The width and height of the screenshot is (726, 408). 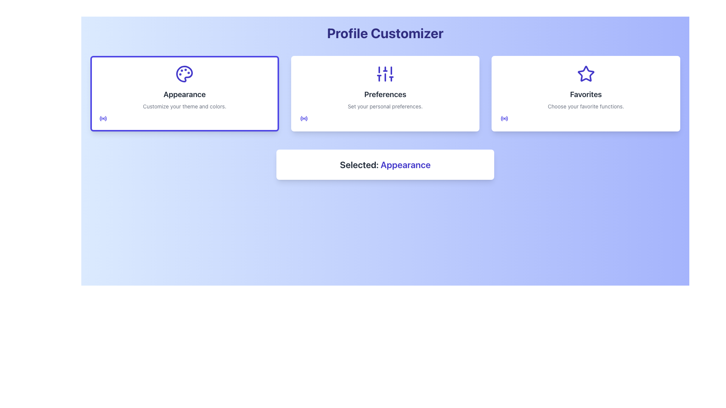 What do you see at coordinates (185, 94) in the screenshot?
I see `section heading label located centrally under the palette icon in the Appearance card for theme and colors customization` at bounding box center [185, 94].